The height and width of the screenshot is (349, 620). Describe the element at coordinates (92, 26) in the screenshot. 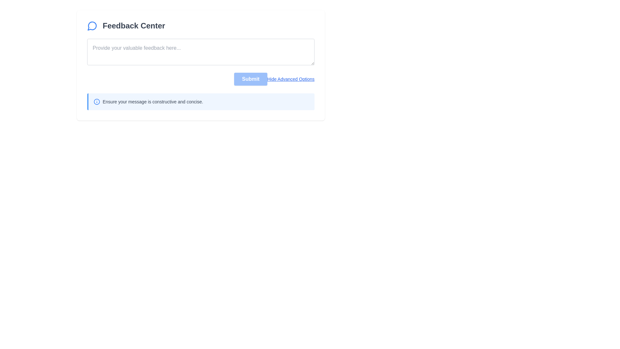

I see `on the feedback icon located` at that location.